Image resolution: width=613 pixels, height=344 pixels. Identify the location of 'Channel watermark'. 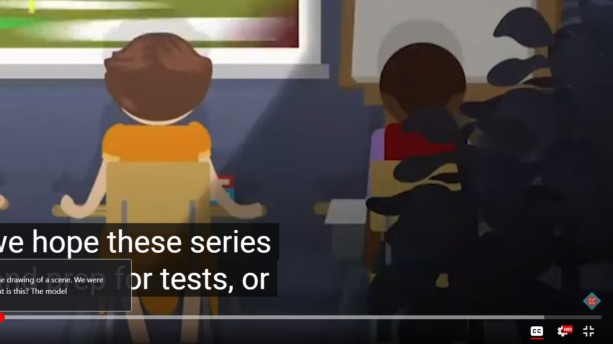
(591, 301).